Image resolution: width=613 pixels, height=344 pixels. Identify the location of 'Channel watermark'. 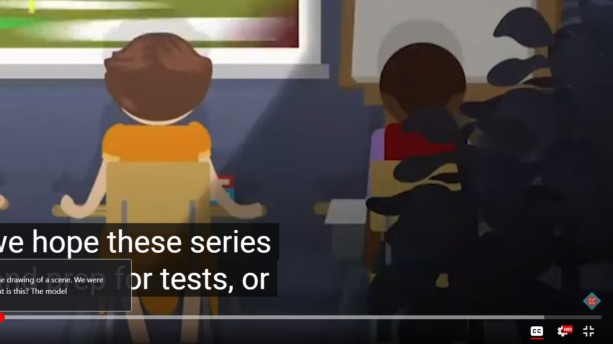
(591, 301).